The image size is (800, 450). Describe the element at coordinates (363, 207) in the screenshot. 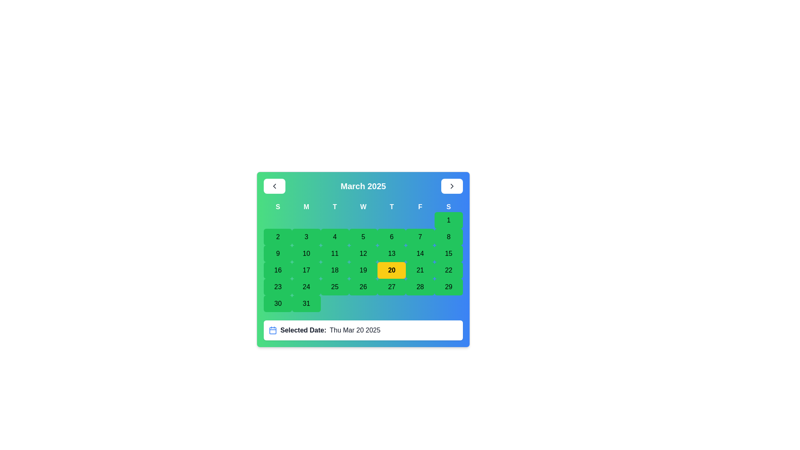

I see `the Label Row displaying the days of the week, which is styled in bold white text with a gradient background from green to blue, located below the 'March 2025' heading in the calendar interface` at that location.